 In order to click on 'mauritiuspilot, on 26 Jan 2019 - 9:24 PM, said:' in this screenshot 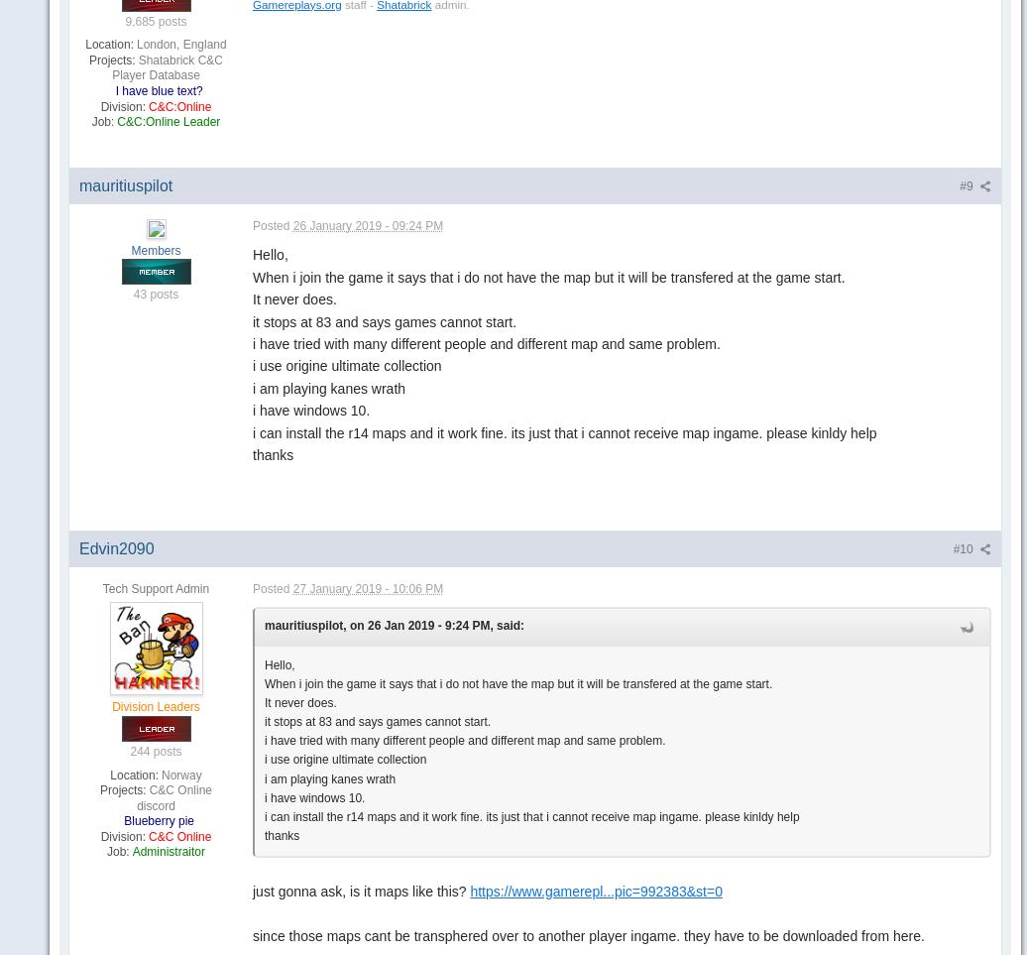, I will do `click(395, 624)`.